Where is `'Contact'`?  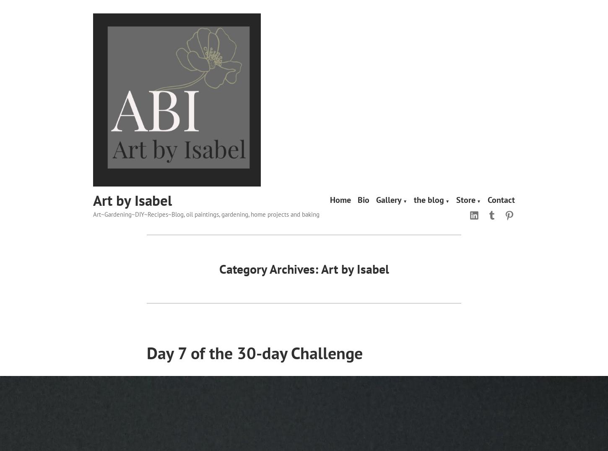
'Contact' is located at coordinates (501, 199).